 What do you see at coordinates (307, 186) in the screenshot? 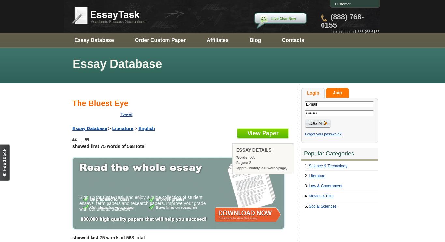
I see `'3.'` at bounding box center [307, 186].